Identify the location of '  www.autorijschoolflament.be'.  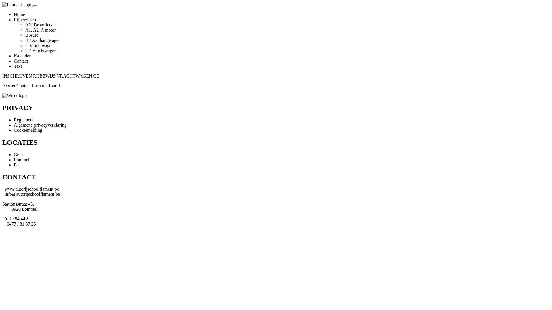
(30, 189).